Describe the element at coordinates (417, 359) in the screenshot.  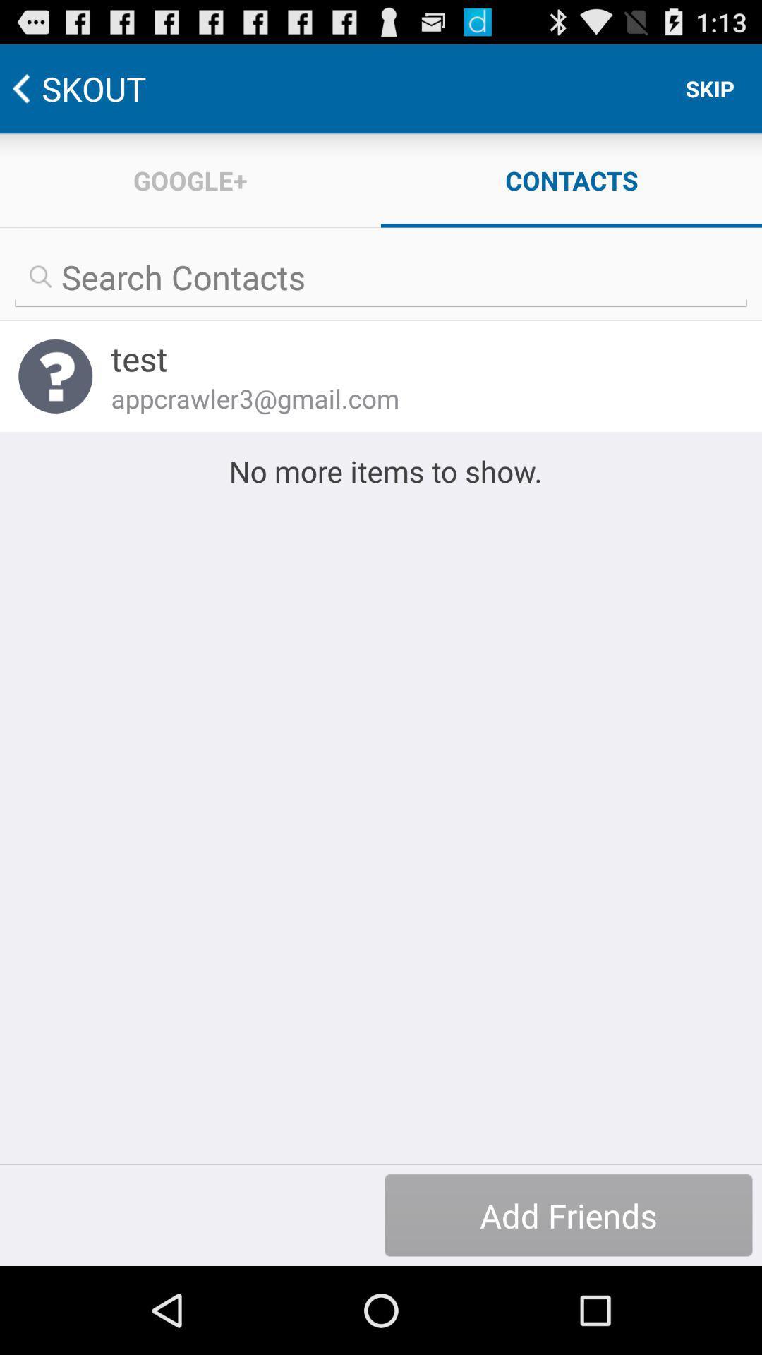
I see `the item above appcrawler3@gmail.com` at that location.